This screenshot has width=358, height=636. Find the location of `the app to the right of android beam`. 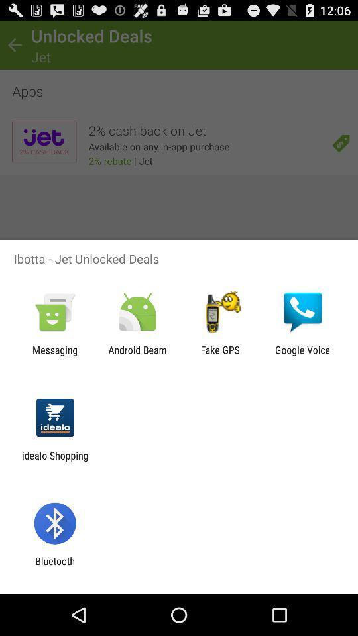

the app to the right of android beam is located at coordinates (220, 355).